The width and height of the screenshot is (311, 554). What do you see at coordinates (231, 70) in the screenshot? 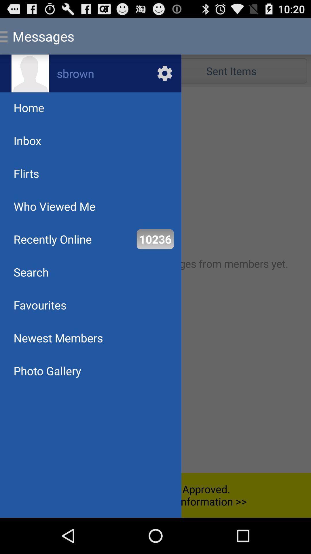
I see `sent items icon` at bounding box center [231, 70].